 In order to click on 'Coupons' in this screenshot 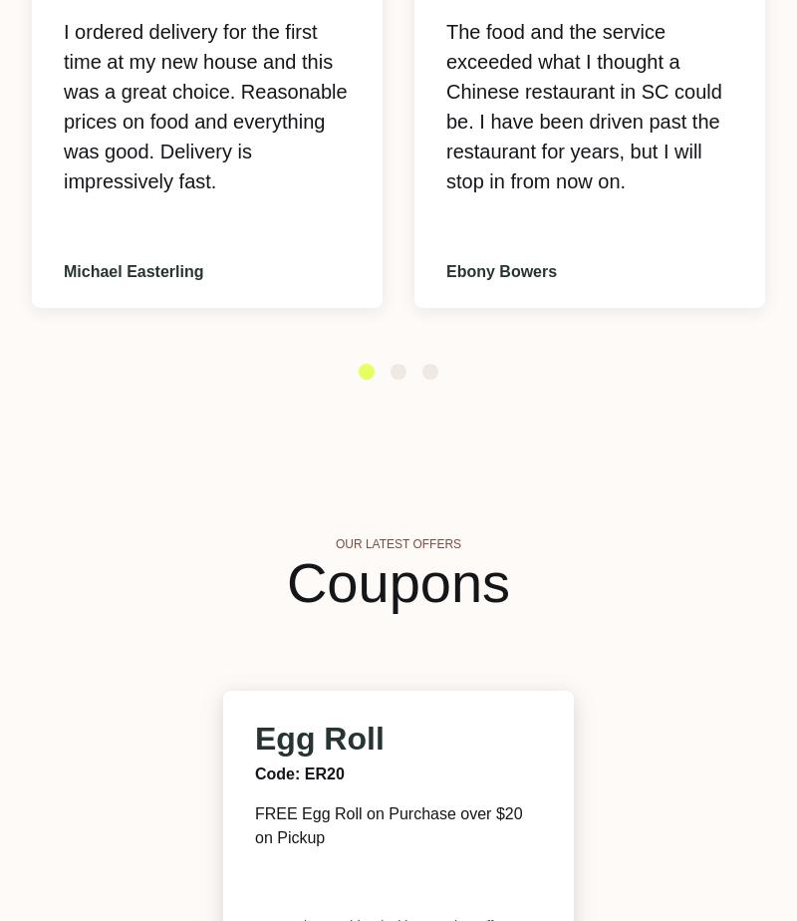, I will do `click(397, 582)`.